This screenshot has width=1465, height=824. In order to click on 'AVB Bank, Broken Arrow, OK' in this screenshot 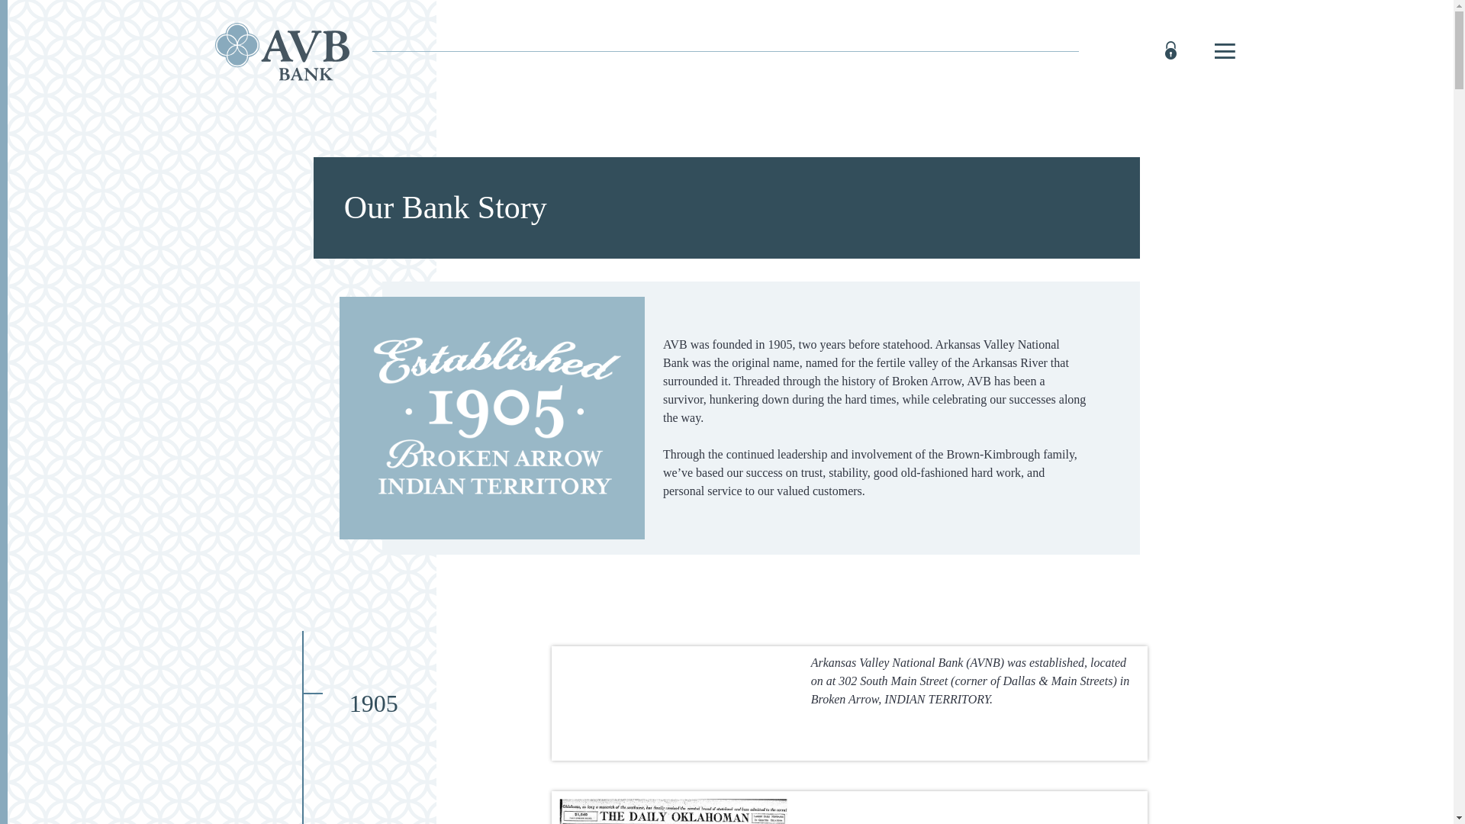, I will do `click(282, 51)`.